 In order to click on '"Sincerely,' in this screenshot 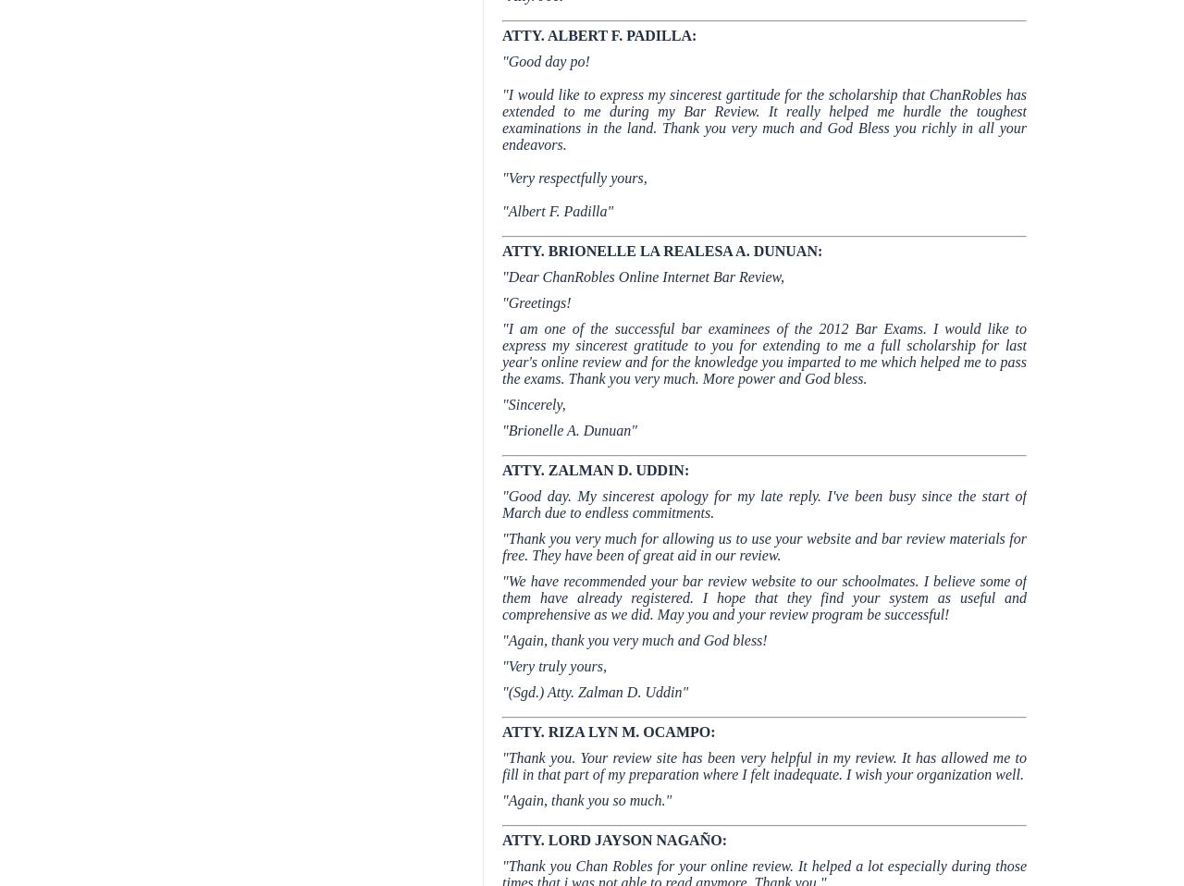, I will do `click(533, 404)`.